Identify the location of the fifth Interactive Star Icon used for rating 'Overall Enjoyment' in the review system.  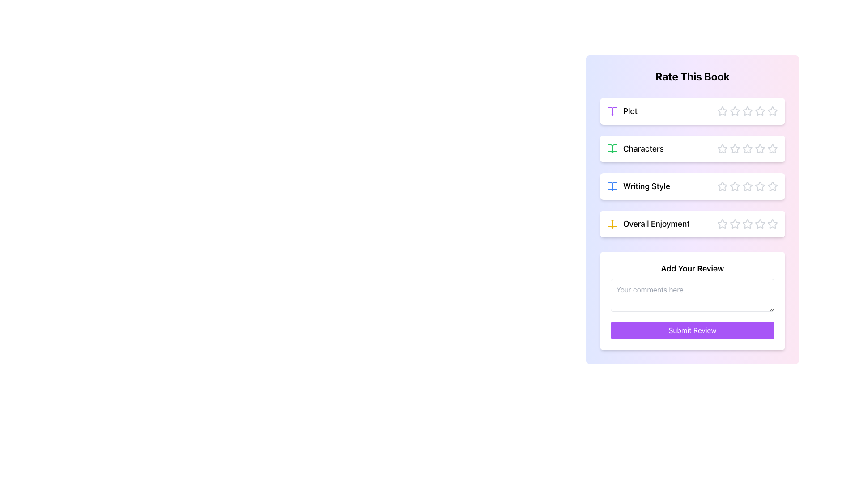
(772, 223).